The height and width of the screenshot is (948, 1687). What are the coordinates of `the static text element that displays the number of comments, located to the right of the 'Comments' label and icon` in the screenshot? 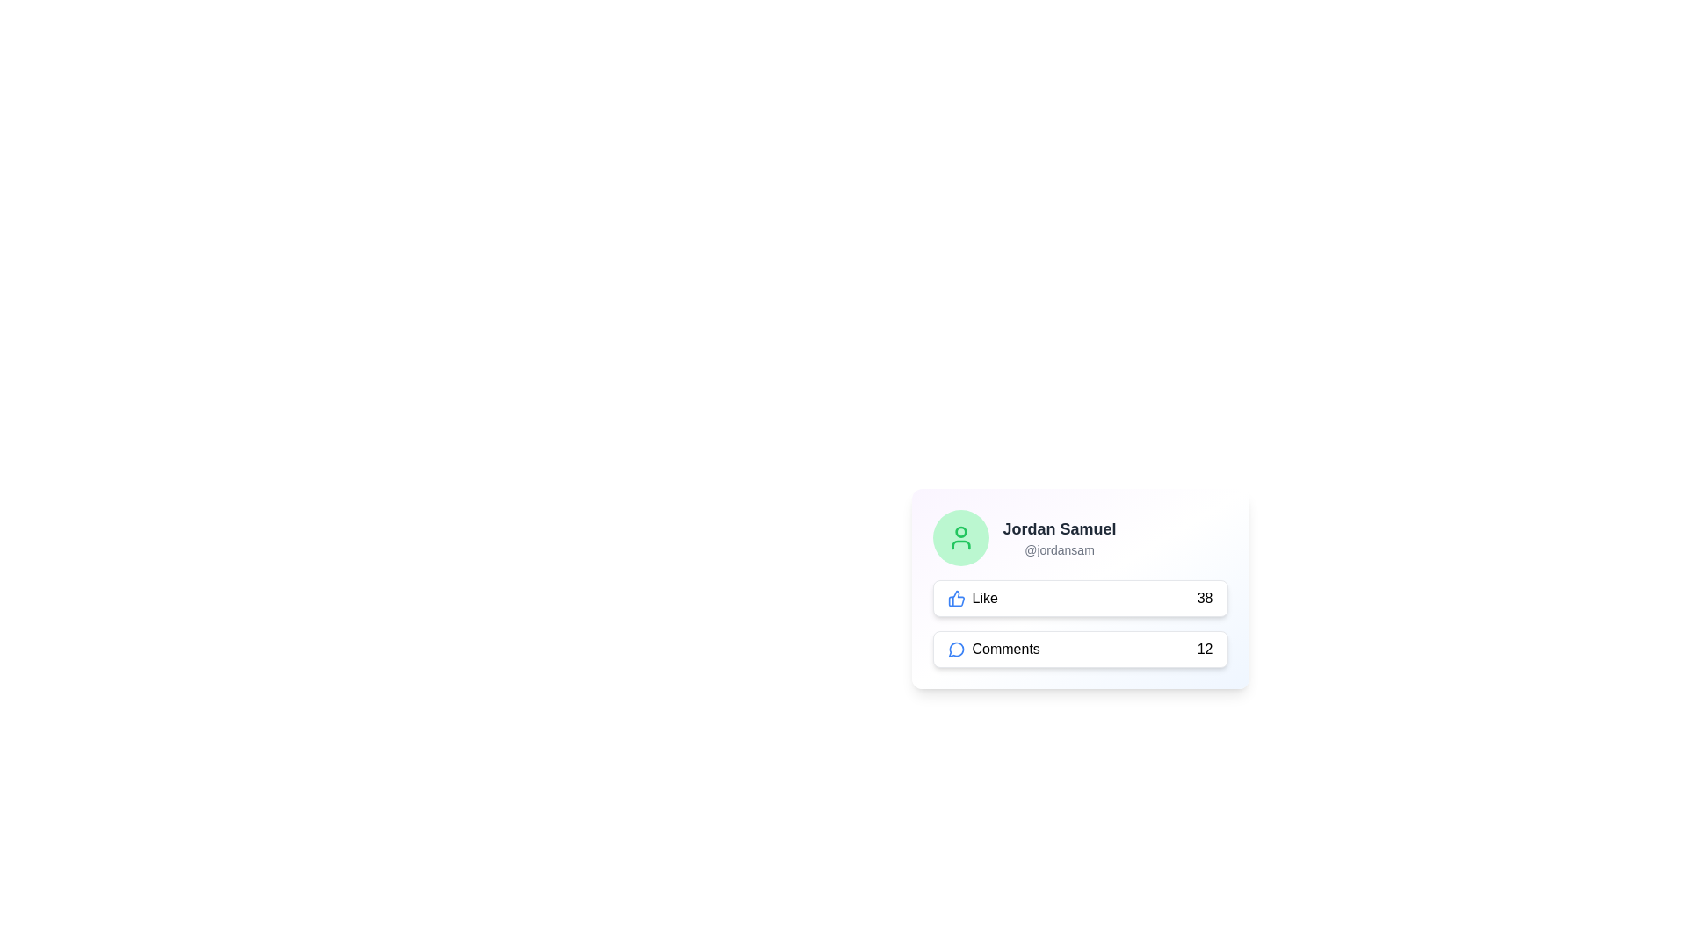 It's located at (1204, 650).